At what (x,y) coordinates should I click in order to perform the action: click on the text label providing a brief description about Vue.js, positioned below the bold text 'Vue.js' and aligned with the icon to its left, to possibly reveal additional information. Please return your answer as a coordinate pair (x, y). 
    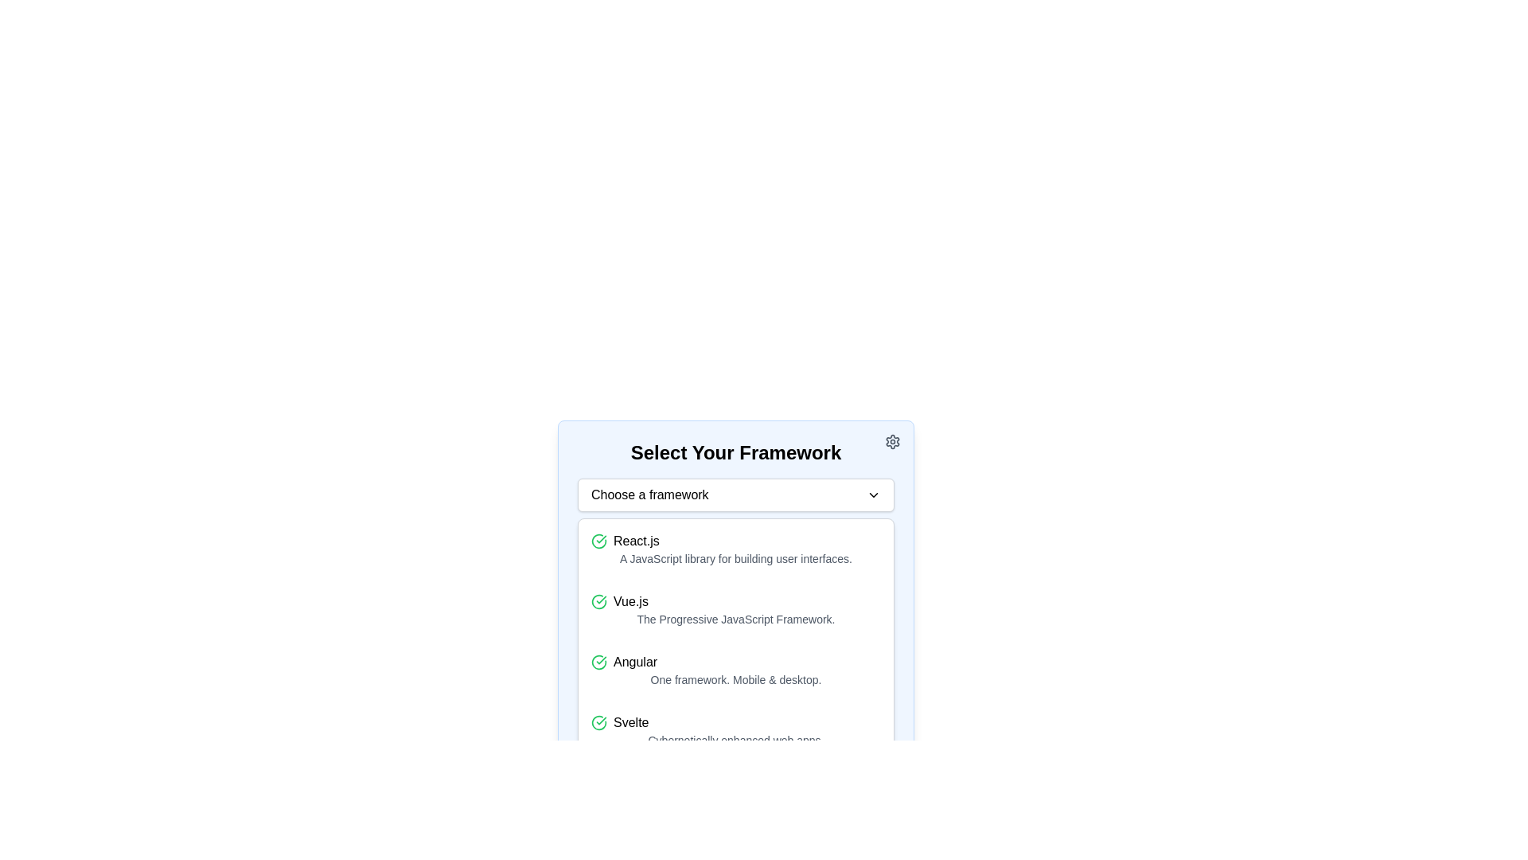
    Looking at the image, I should click on (735, 619).